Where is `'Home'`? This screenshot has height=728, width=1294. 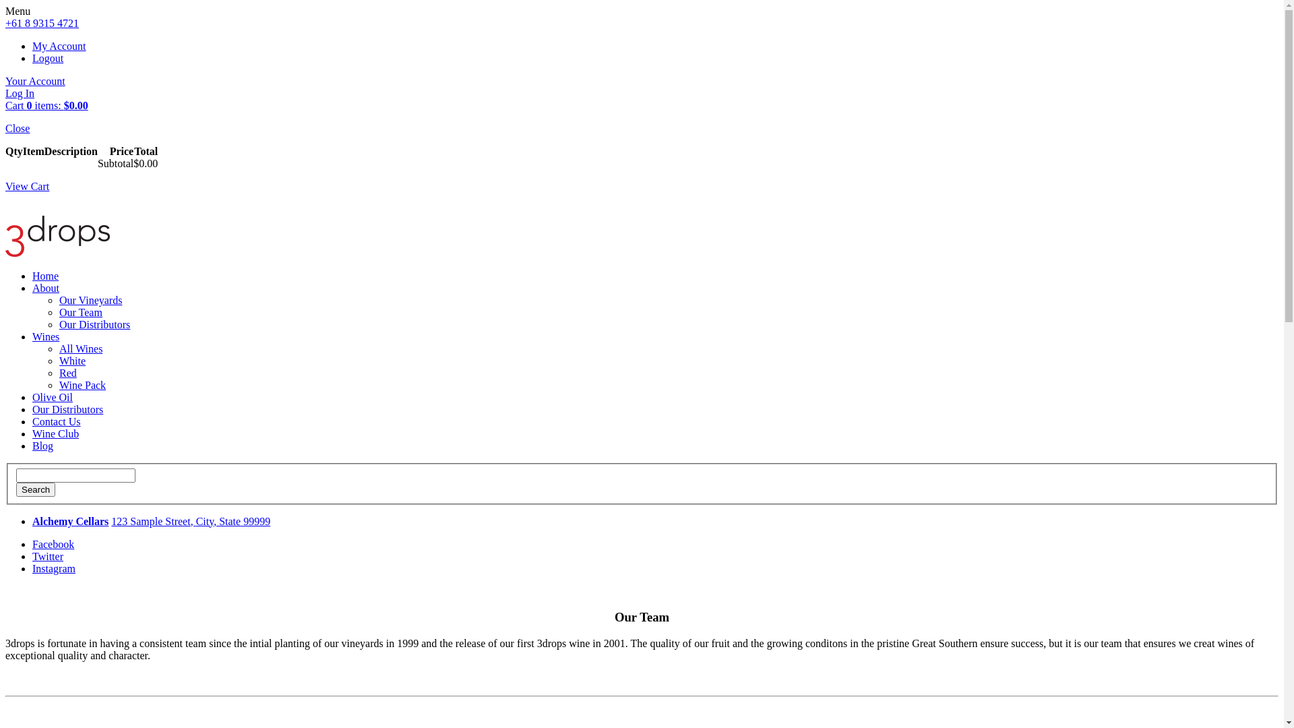
'Home' is located at coordinates (45, 275).